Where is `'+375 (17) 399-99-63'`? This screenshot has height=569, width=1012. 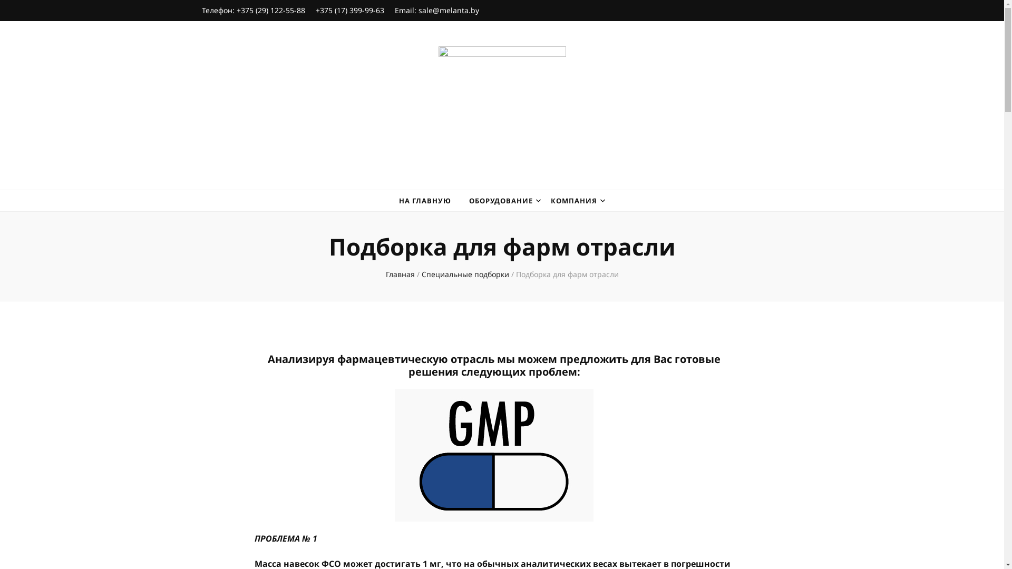 '+375 (17) 399-99-63' is located at coordinates (349, 10).